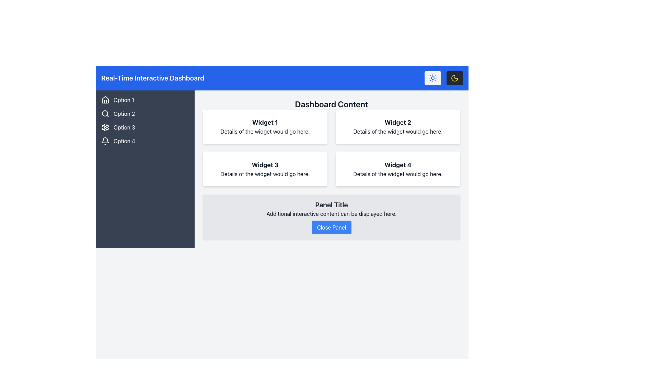  What do you see at coordinates (331, 227) in the screenshot?
I see `the 'Close Panel' button located at the bottom of the panel` at bounding box center [331, 227].